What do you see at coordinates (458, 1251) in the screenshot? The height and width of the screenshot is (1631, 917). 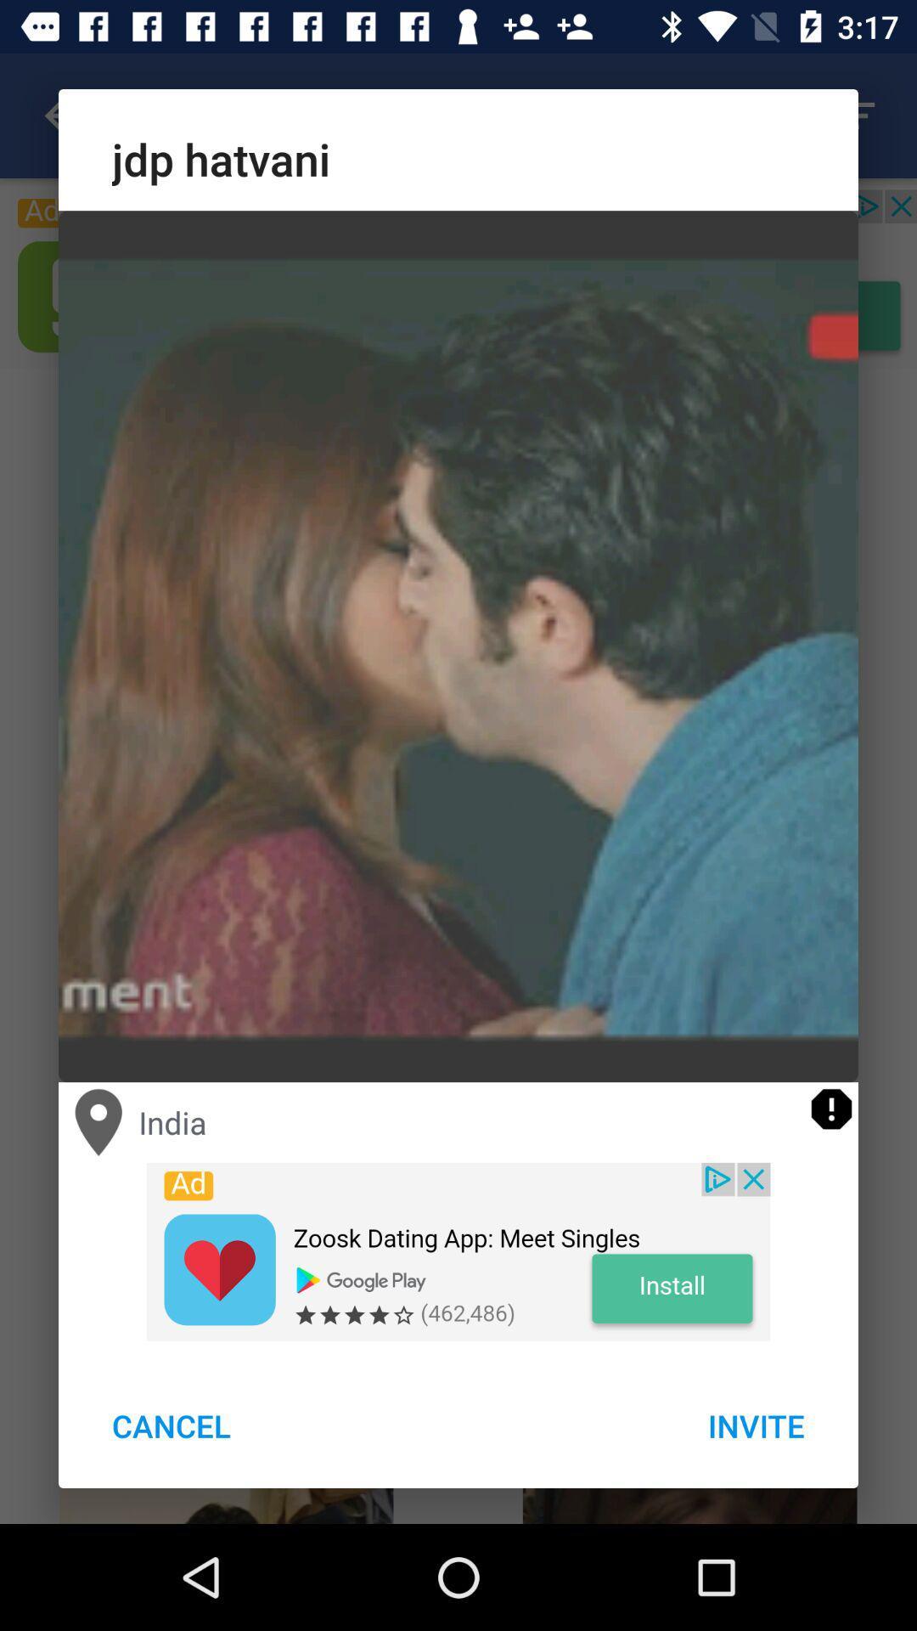 I see `app advertisement` at bounding box center [458, 1251].